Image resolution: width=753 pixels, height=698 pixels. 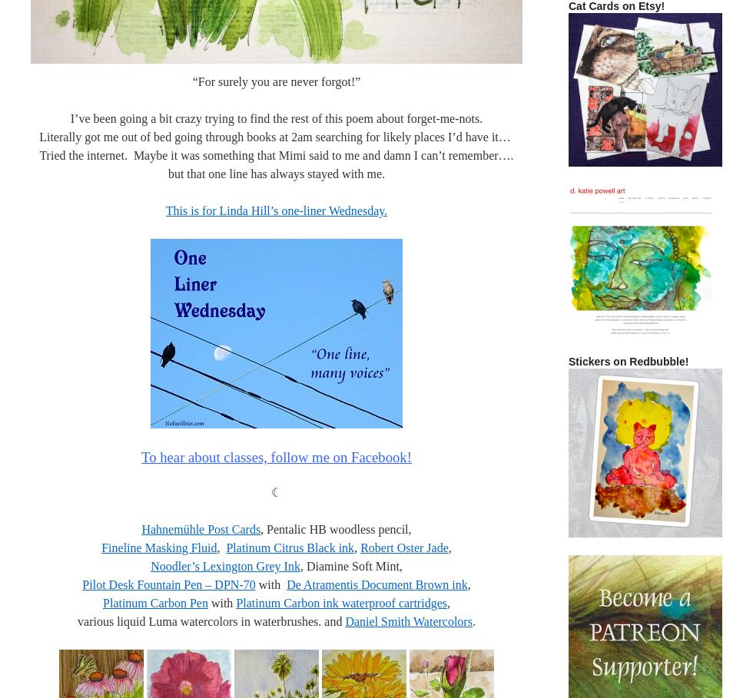 What do you see at coordinates (290, 547) in the screenshot?
I see `'Platinum Citrus Black ink'` at bounding box center [290, 547].